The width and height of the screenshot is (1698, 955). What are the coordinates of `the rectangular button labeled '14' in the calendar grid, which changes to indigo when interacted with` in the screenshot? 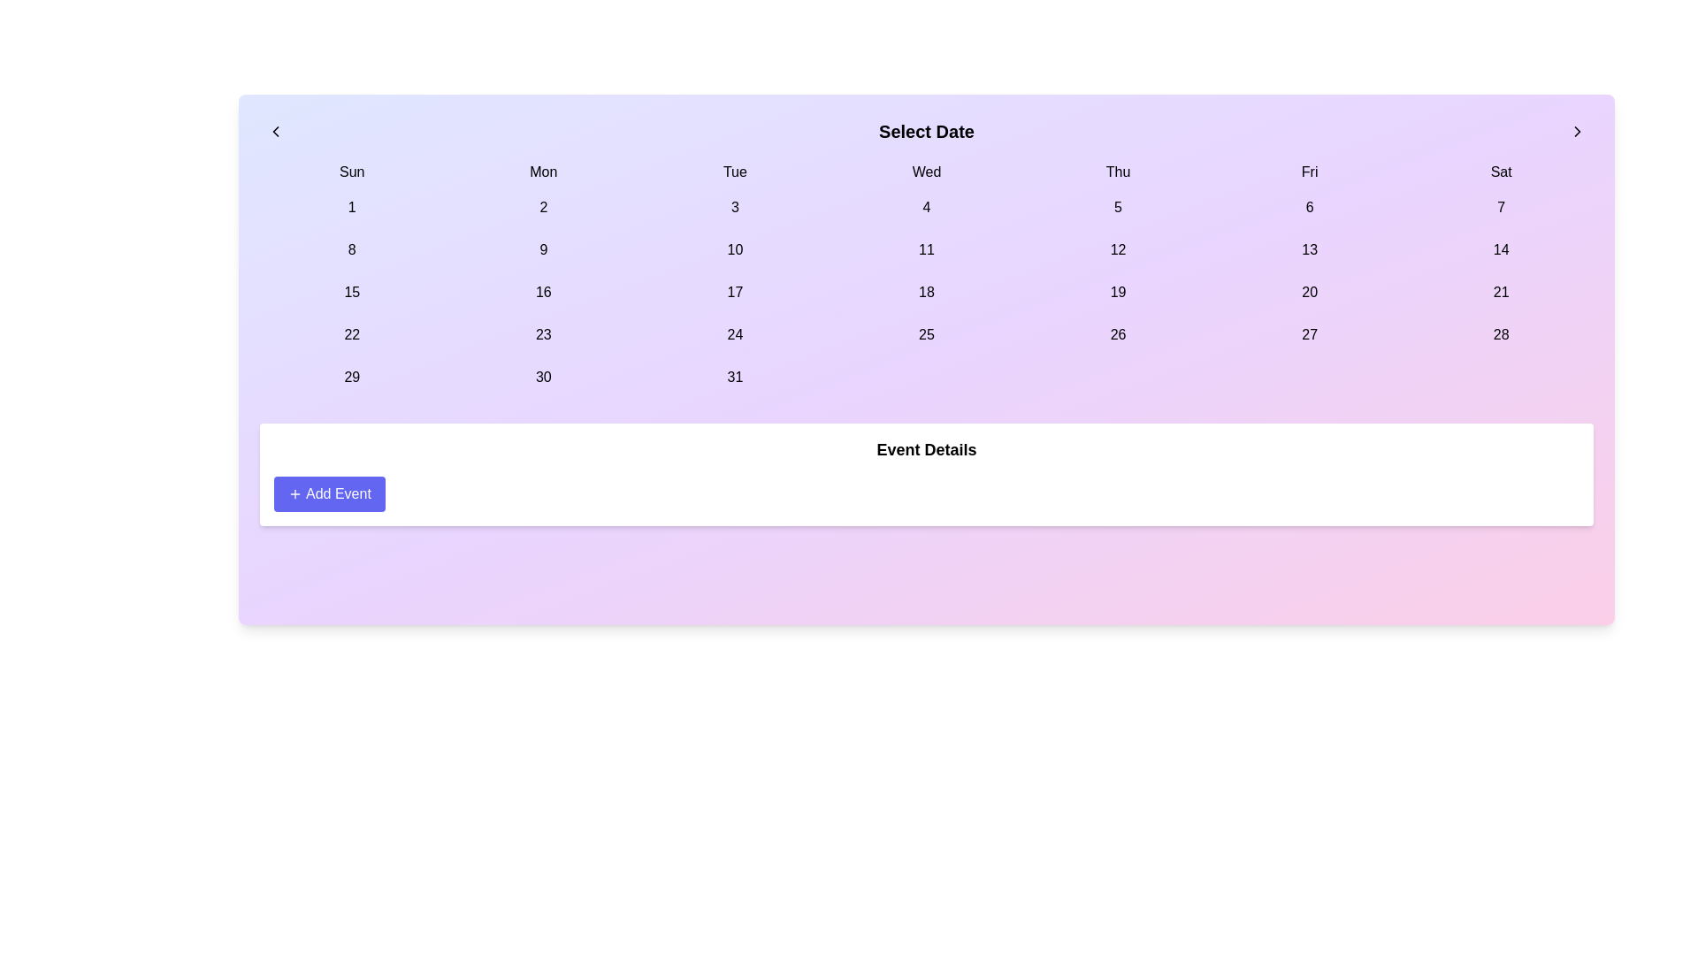 It's located at (1500, 249).